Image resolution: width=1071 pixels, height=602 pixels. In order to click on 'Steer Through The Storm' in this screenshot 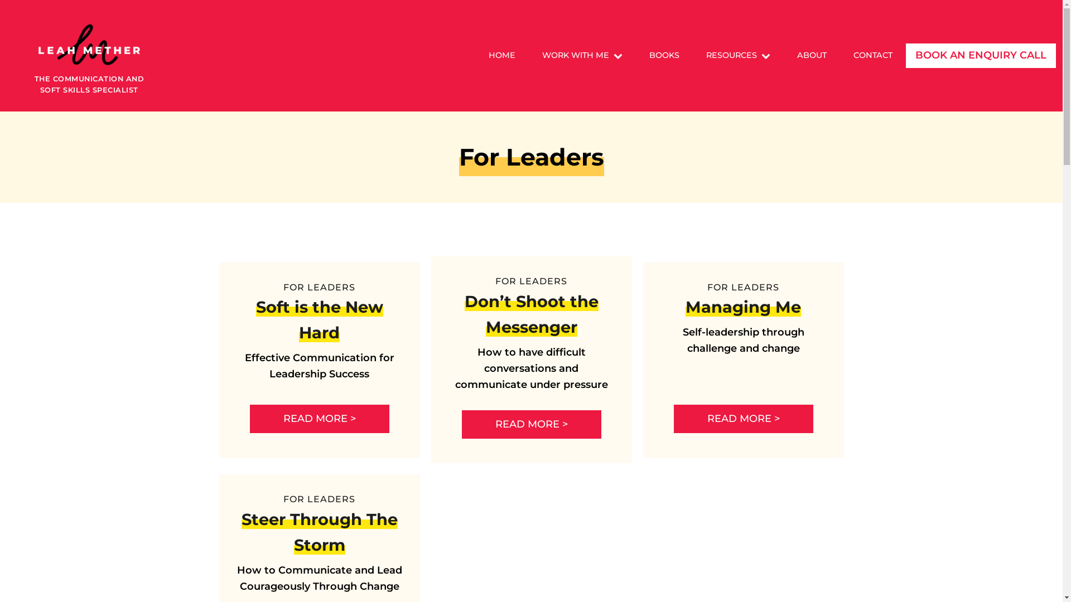, I will do `click(318, 531)`.